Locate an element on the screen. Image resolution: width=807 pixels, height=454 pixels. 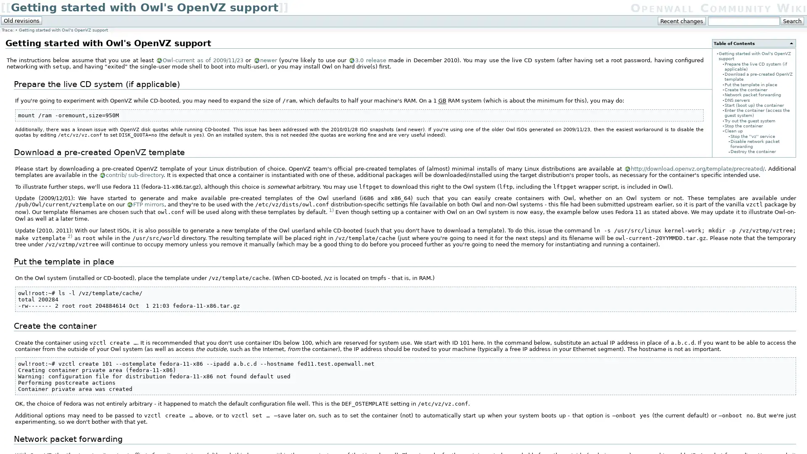
Recent changes is located at coordinates (682, 21).